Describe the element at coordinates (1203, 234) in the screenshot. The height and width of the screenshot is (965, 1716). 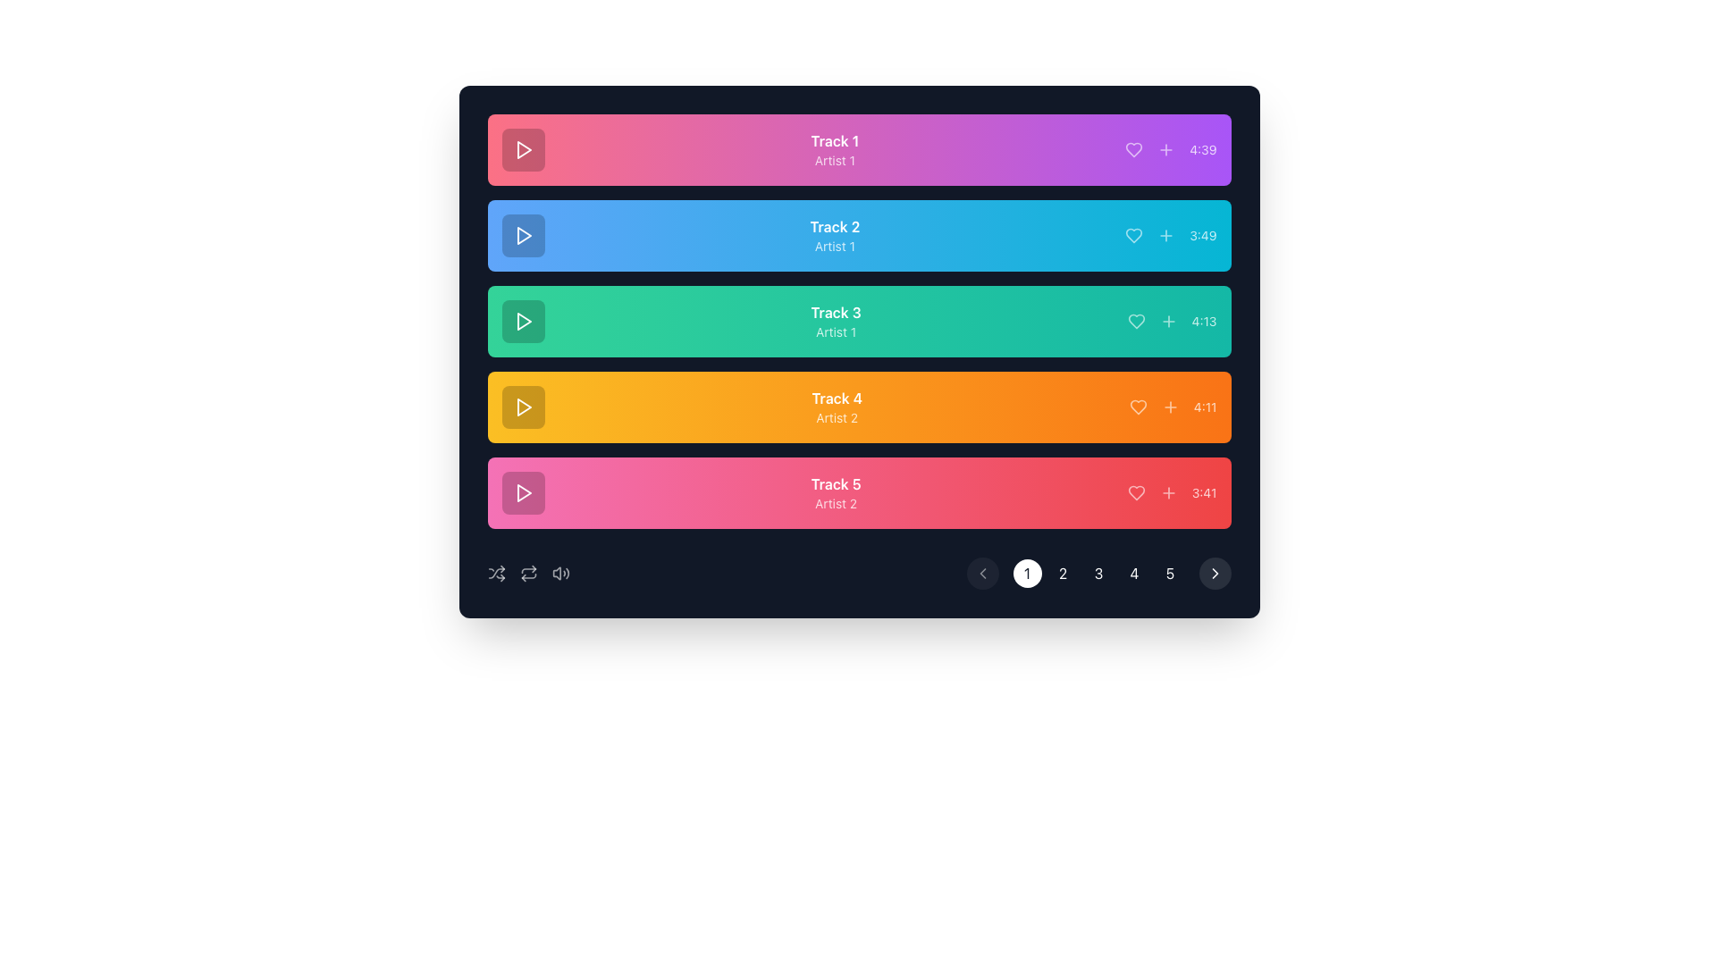
I see `the text label displaying the timestamp '3:49', which is styled in white at 80% opacity and positioned at the far right of the music track entry interface` at that location.